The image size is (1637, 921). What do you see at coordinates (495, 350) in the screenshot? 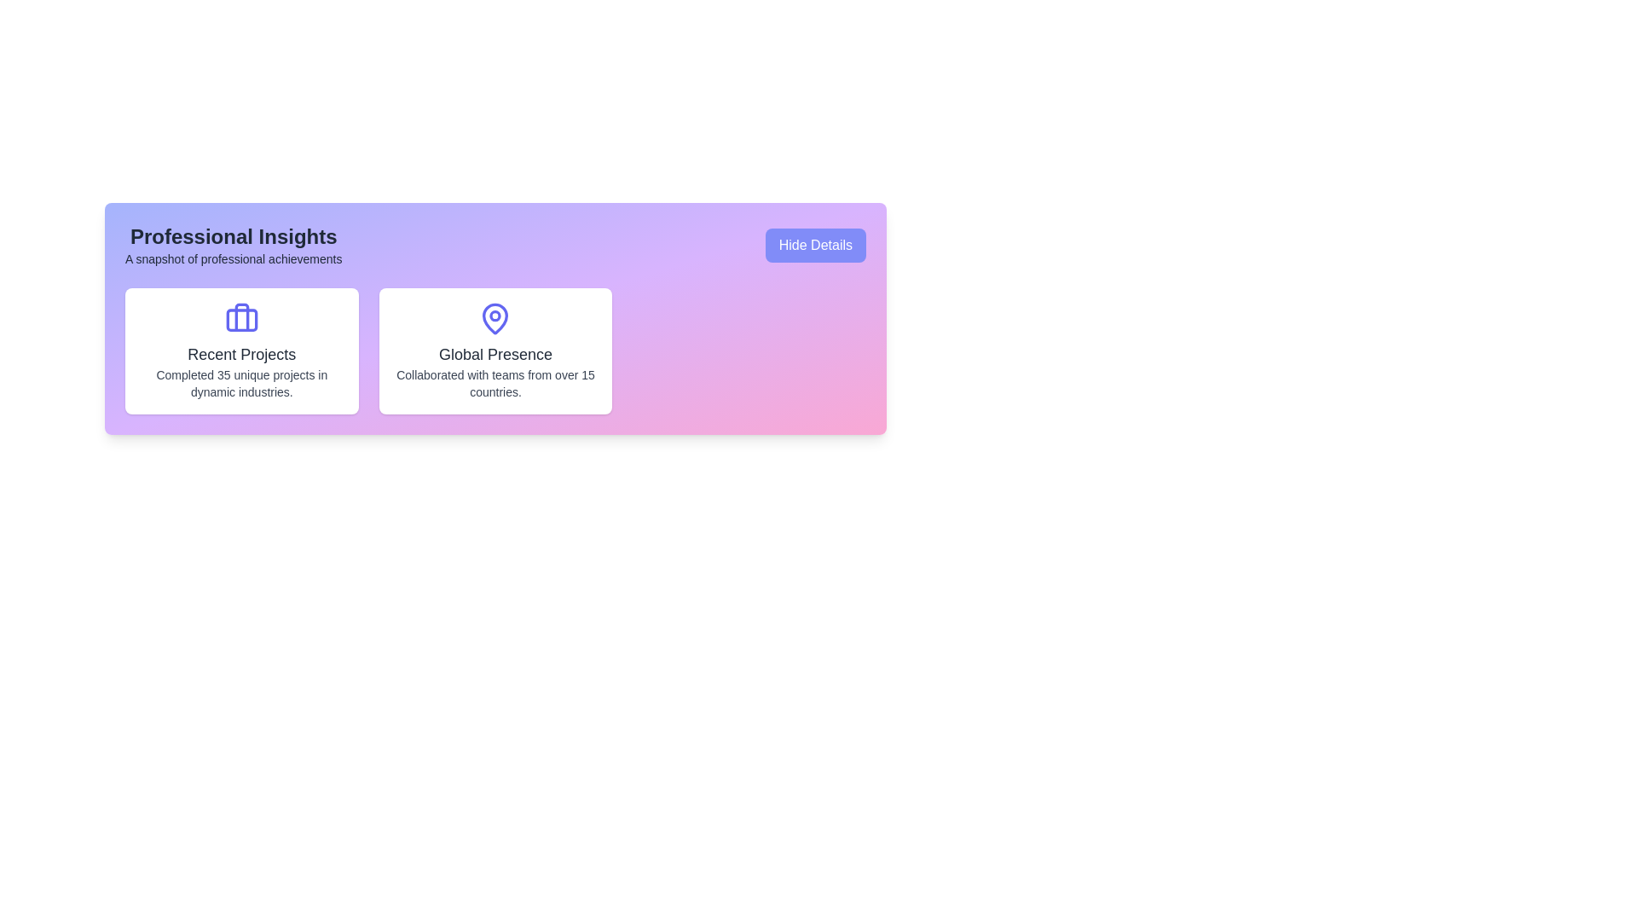
I see `text contained in the Informational card that emphasizes 'Global Presence', which is the second card in a series of three horizontally aligned cards with a gradient background` at bounding box center [495, 350].